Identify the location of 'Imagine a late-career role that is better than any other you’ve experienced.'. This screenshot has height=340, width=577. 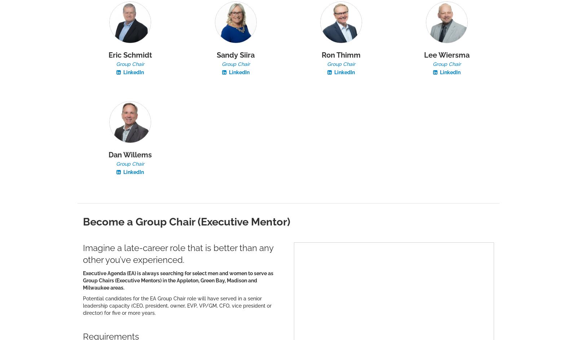
(83, 253).